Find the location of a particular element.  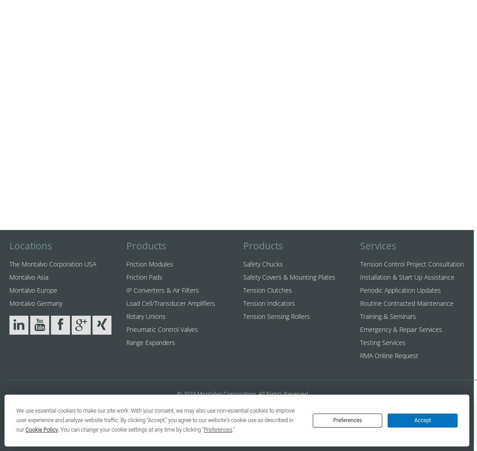

'The Montalvo Corporation USA' is located at coordinates (52, 263).